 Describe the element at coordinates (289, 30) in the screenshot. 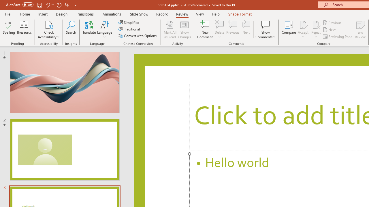

I see `'Compare'` at that location.